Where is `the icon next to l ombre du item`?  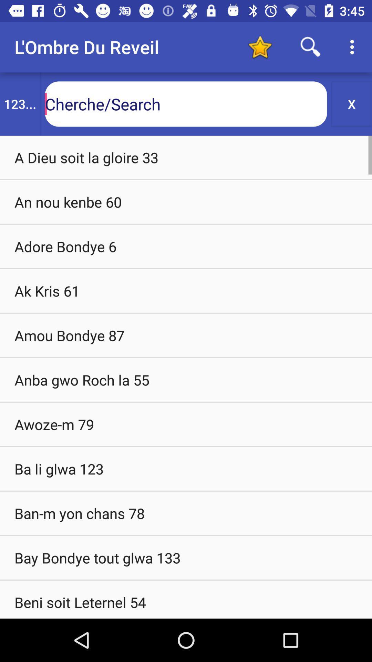 the icon next to l ombre du item is located at coordinates (260, 47).